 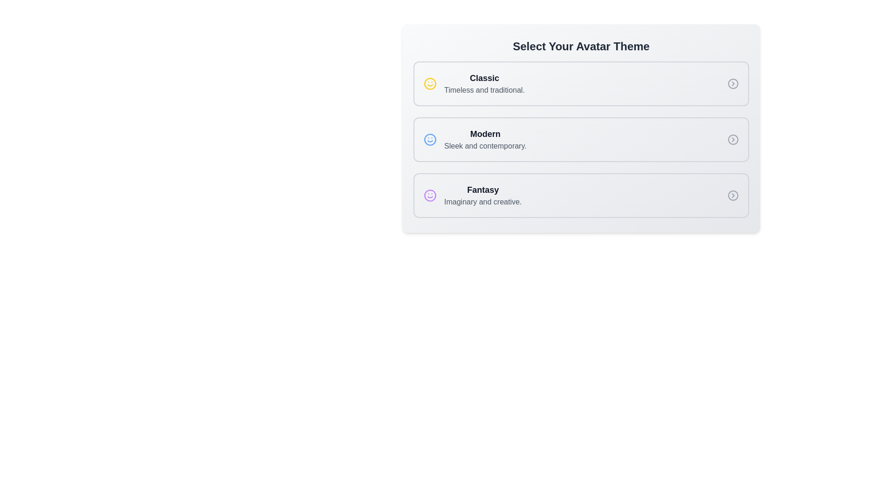 What do you see at coordinates (733, 195) in the screenshot?
I see `the circular icon within the SVG, which is positioned next to the right side of the 'Fantasy' list item in the vertical list of avatar themes` at bounding box center [733, 195].